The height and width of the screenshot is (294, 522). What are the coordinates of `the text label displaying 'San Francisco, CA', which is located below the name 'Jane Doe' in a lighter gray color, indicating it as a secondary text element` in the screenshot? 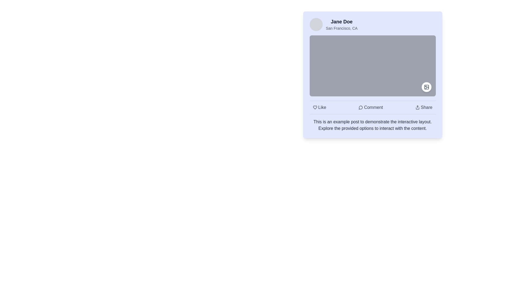 It's located at (341, 28).